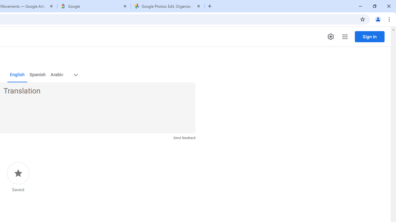 The image size is (396, 222). Describe the element at coordinates (37, 75) in the screenshot. I see `'Spanish'` at that location.